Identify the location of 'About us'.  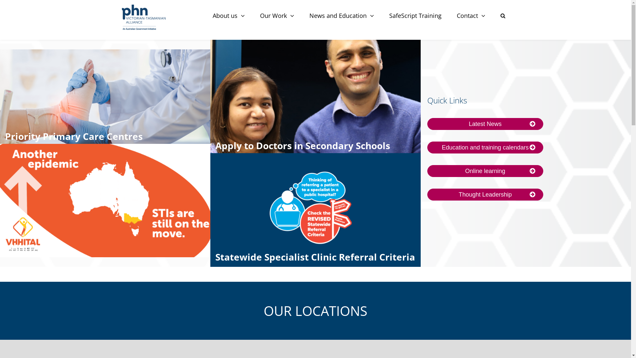
(228, 15).